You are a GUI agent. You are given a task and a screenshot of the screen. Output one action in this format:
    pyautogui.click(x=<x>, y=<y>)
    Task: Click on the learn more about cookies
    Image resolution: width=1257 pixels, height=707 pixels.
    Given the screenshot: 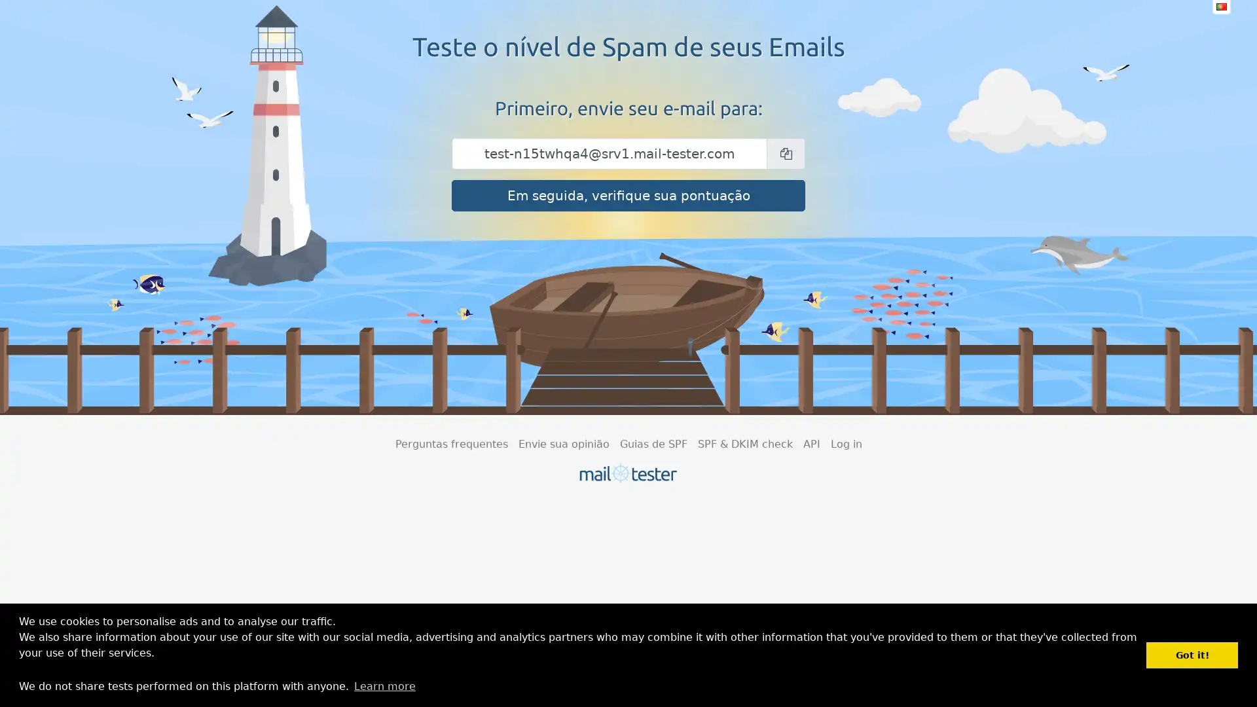 What is the action you would take?
    pyautogui.click(x=384, y=685)
    